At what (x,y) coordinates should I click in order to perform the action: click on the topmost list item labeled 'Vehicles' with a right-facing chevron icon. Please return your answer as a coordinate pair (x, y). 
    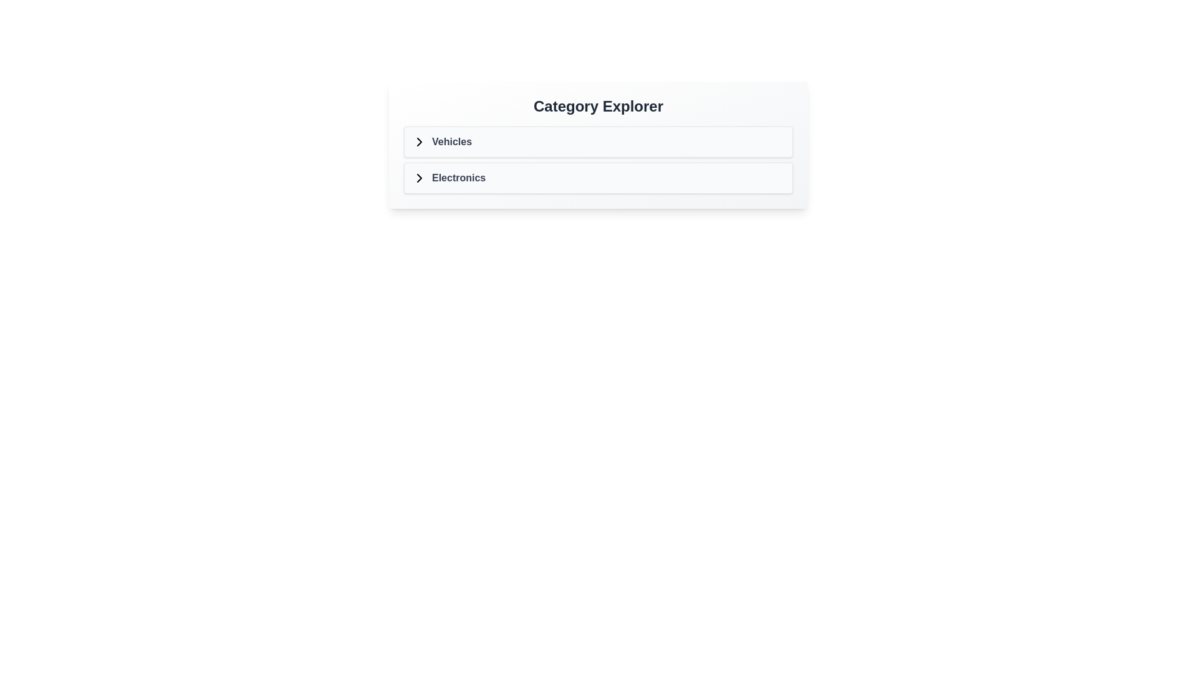
    Looking at the image, I should click on (442, 141).